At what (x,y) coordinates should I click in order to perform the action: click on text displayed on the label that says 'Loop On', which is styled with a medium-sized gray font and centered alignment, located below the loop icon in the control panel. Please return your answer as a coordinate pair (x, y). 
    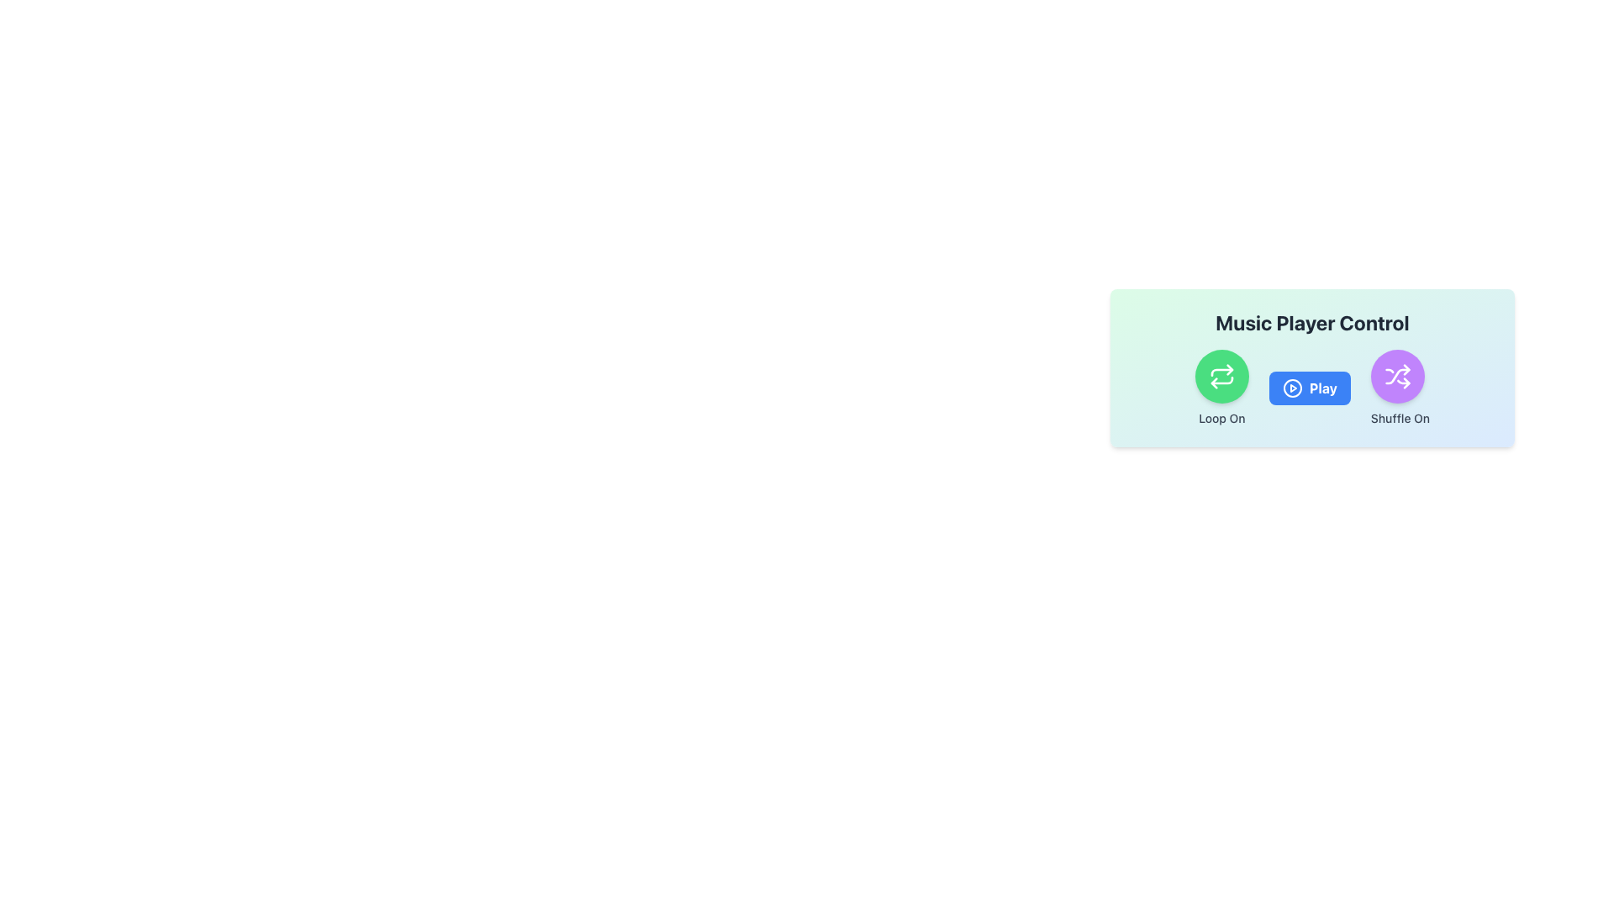
    Looking at the image, I should click on (1221, 417).